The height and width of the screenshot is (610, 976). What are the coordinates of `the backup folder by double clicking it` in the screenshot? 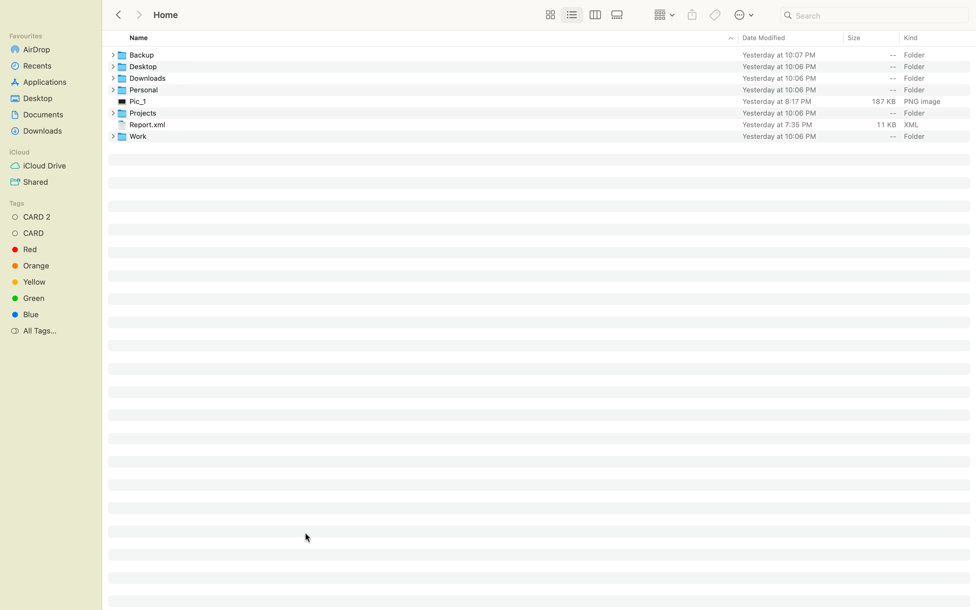 It's located at (546, 54).